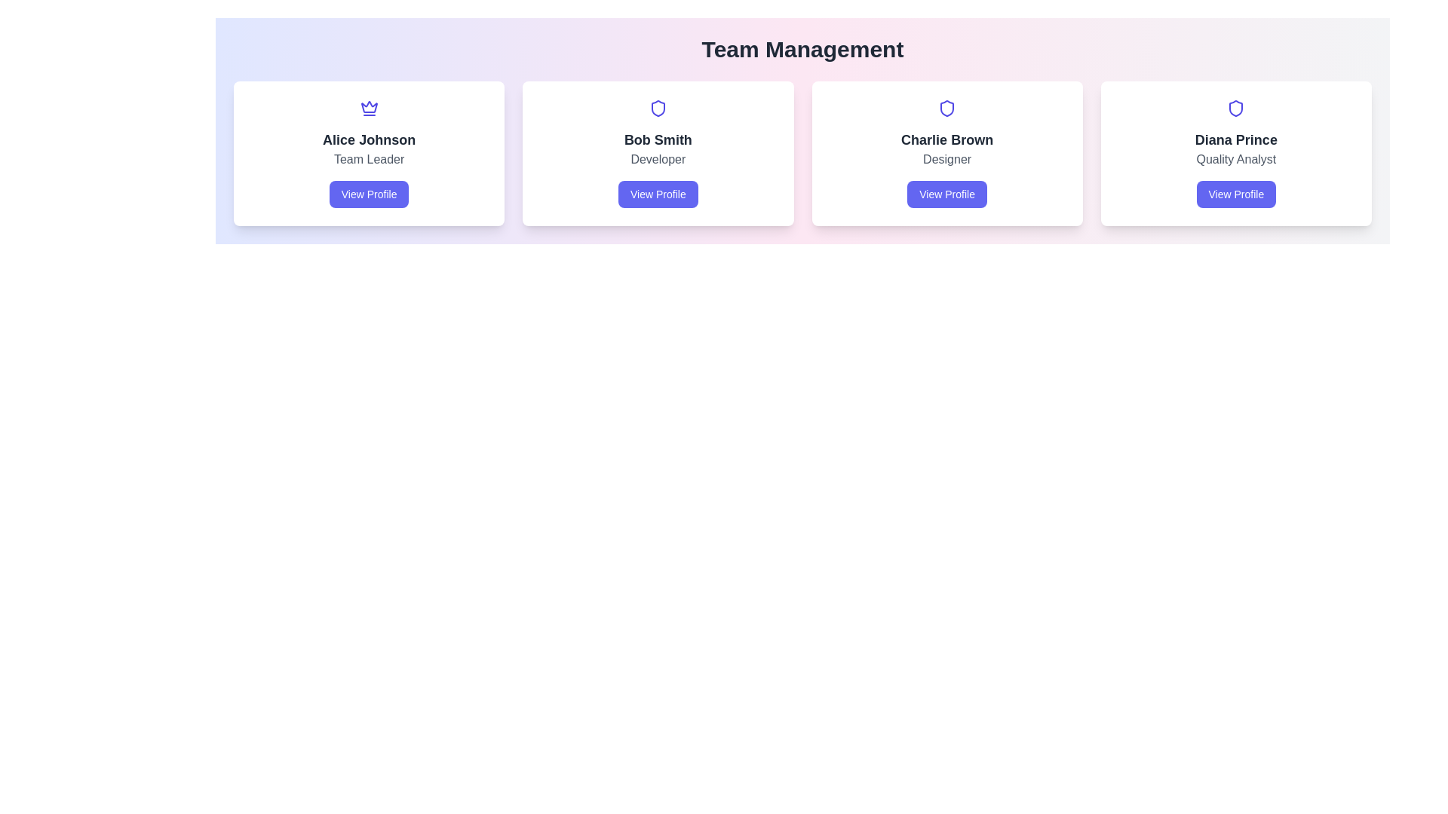 Image resolution: width=1448 pixels, height=814 pixels. What do you see at coordinates (946, 107) in the screenshot?
I see `the shield icon located at the top-center of Charlie Brown's card, which represents the role 'Designer'` at bounding box center [946, 107].